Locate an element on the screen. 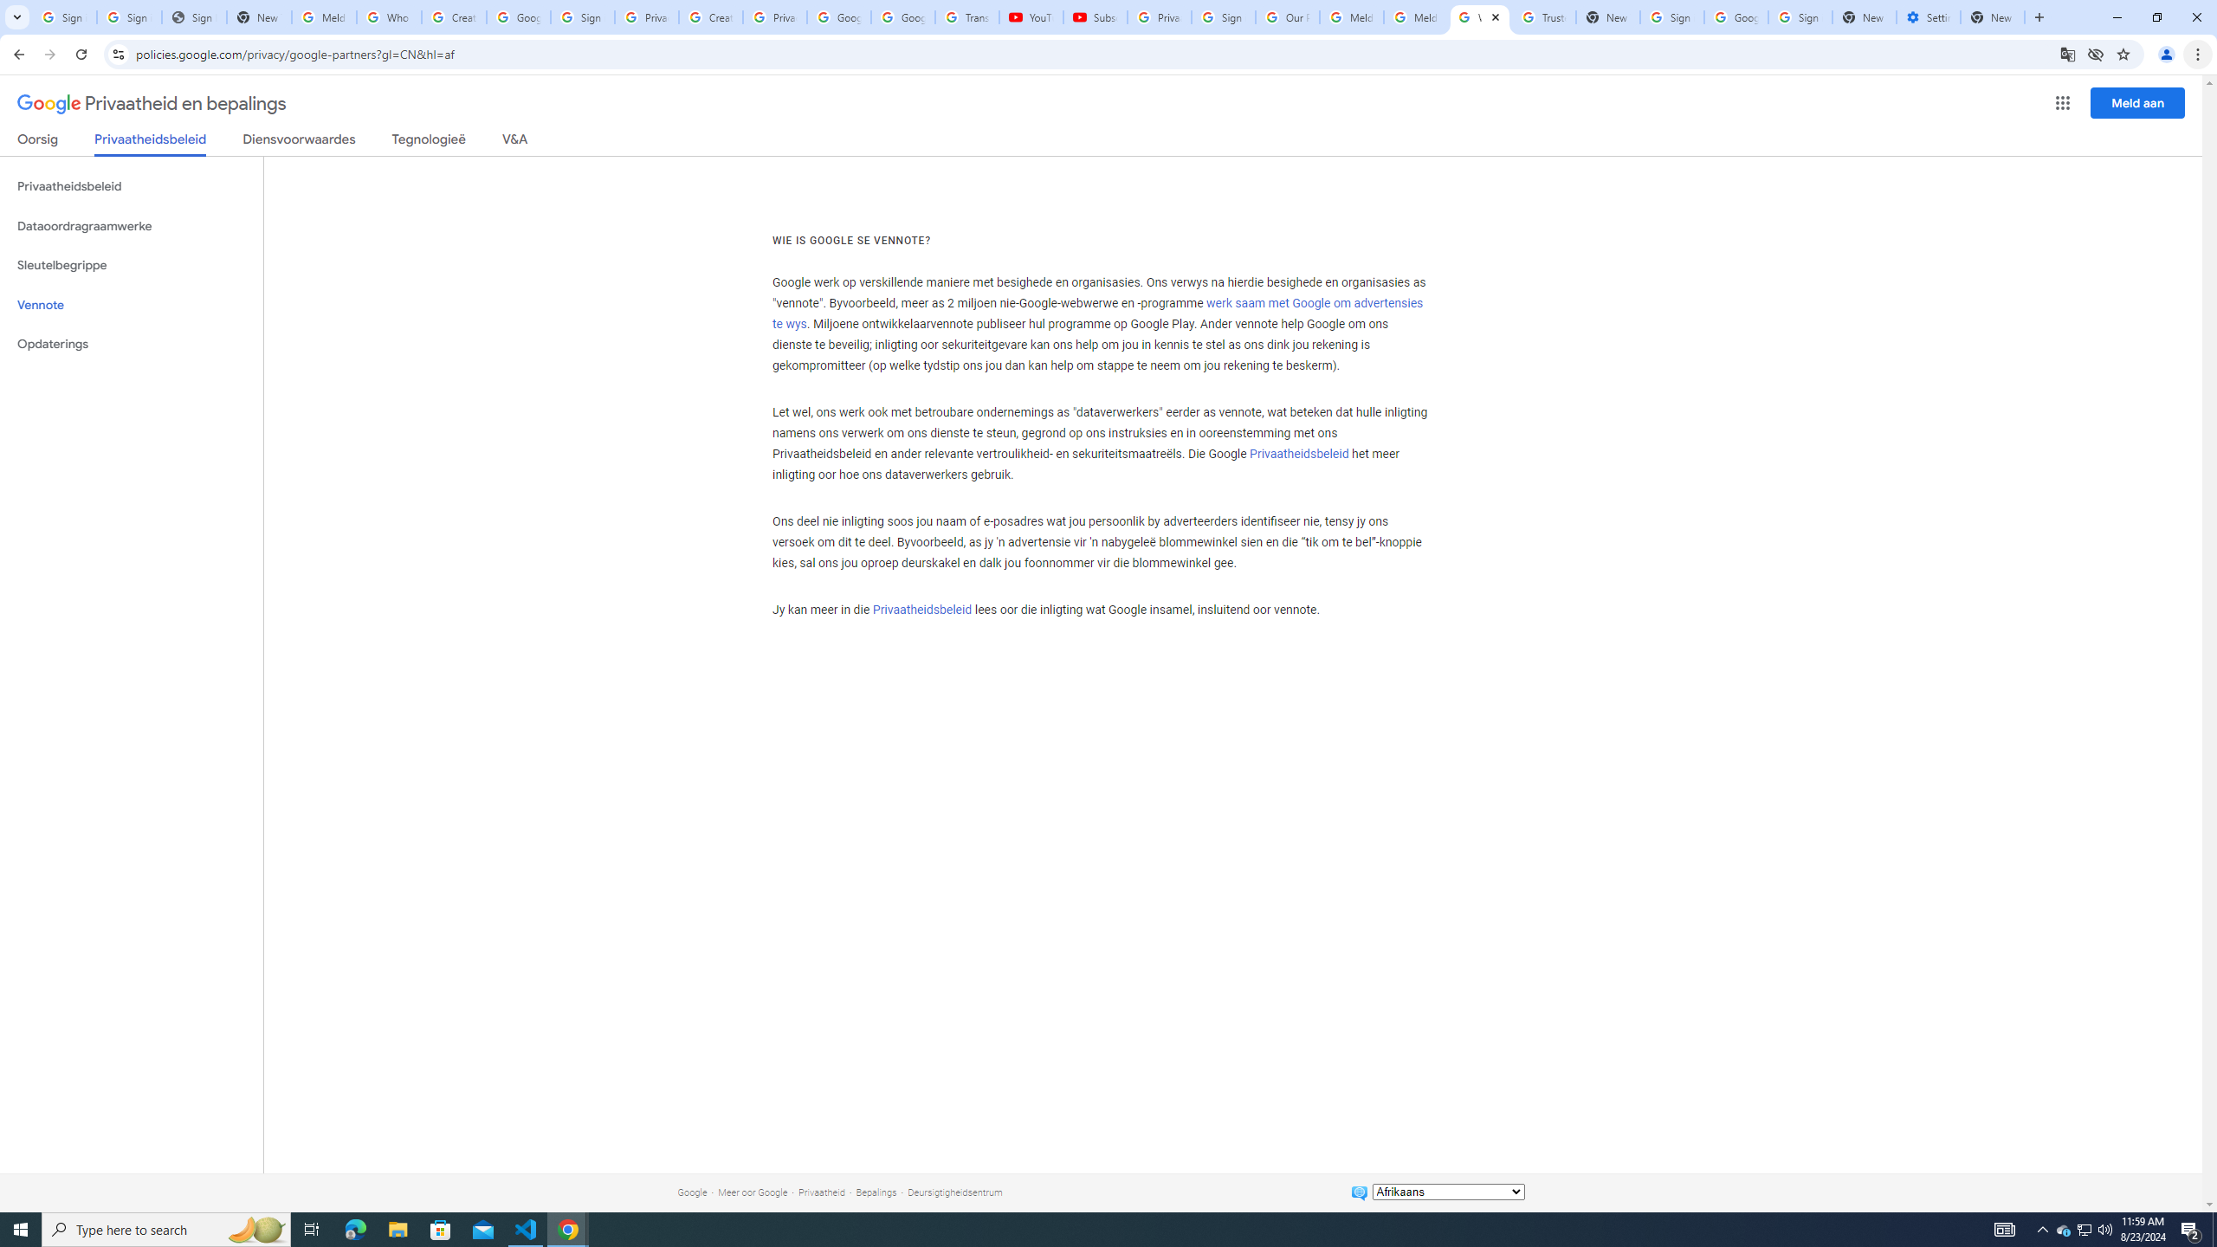  'Trusted Information and Content - Google Safety Center' is located at coordinates (1543, 16).